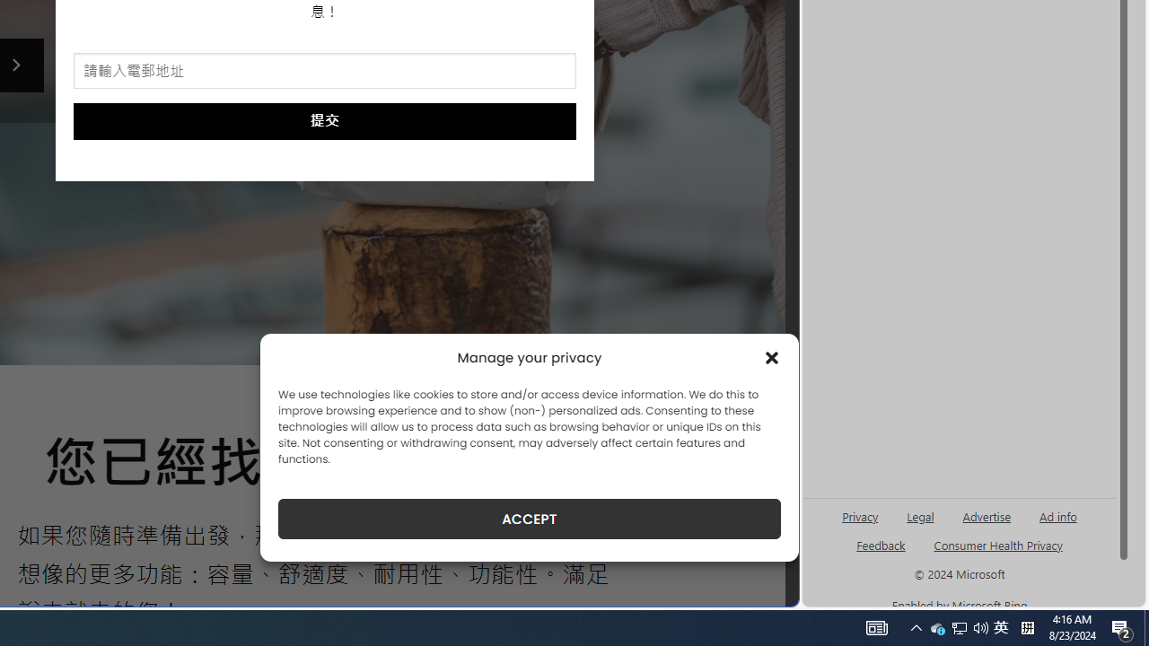 The image size is (1149, 646). I want to click on 'AutomationID: input_5_1', so click(325, 70).